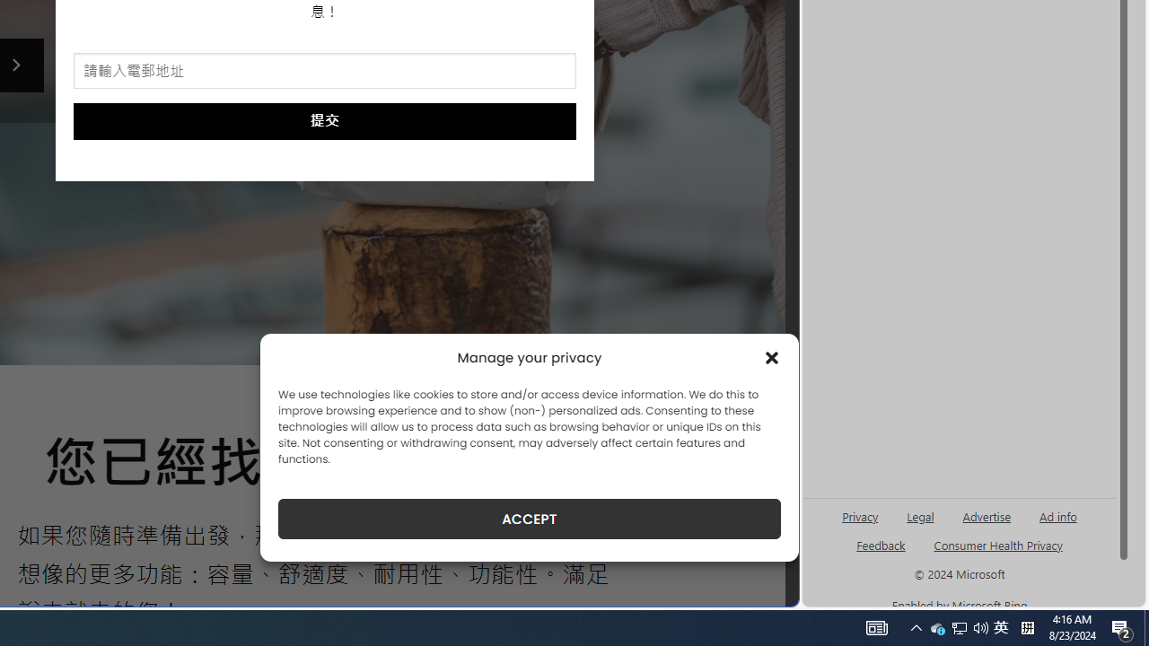 The image size is (1149, 646). I want to click on 'AutomationID: input_5_1', so click(325, 70).